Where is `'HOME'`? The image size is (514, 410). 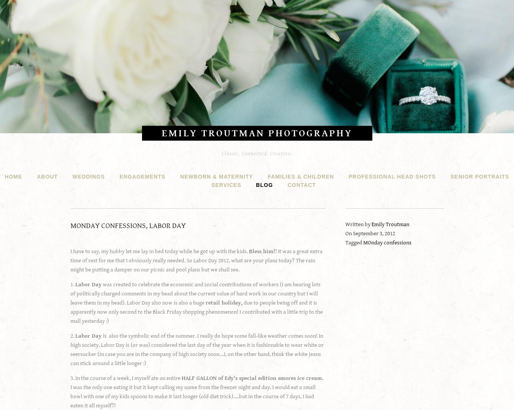
'HOME' is located at coordinates (13, 176).